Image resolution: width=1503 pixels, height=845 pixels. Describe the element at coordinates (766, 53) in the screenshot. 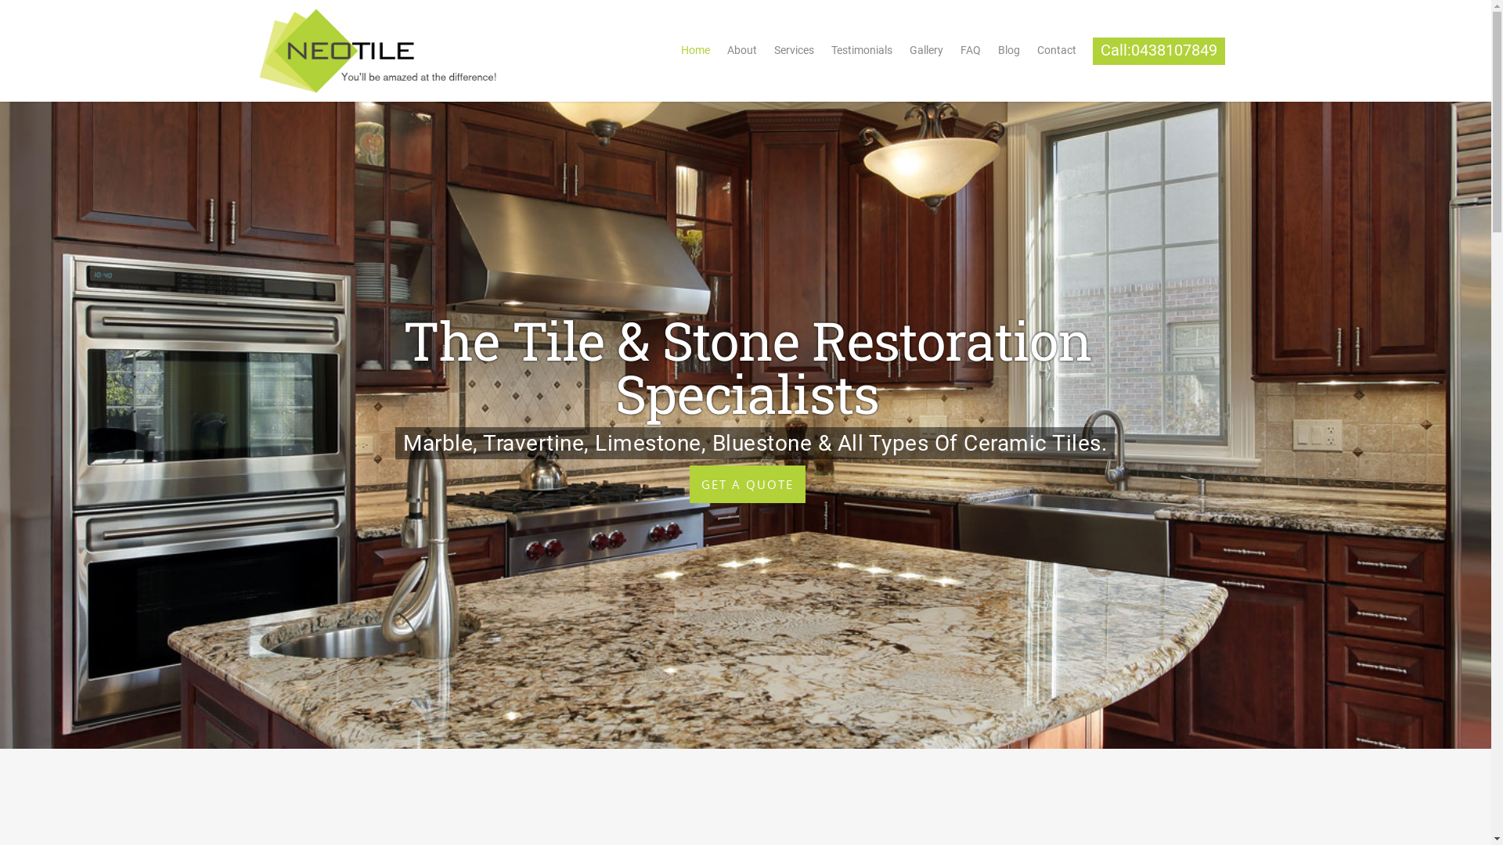

I see `'Services'` at that location.